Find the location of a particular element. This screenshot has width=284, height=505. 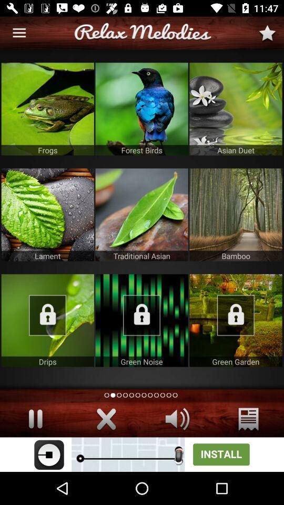

install uber app is located at coordinates (142, 454).